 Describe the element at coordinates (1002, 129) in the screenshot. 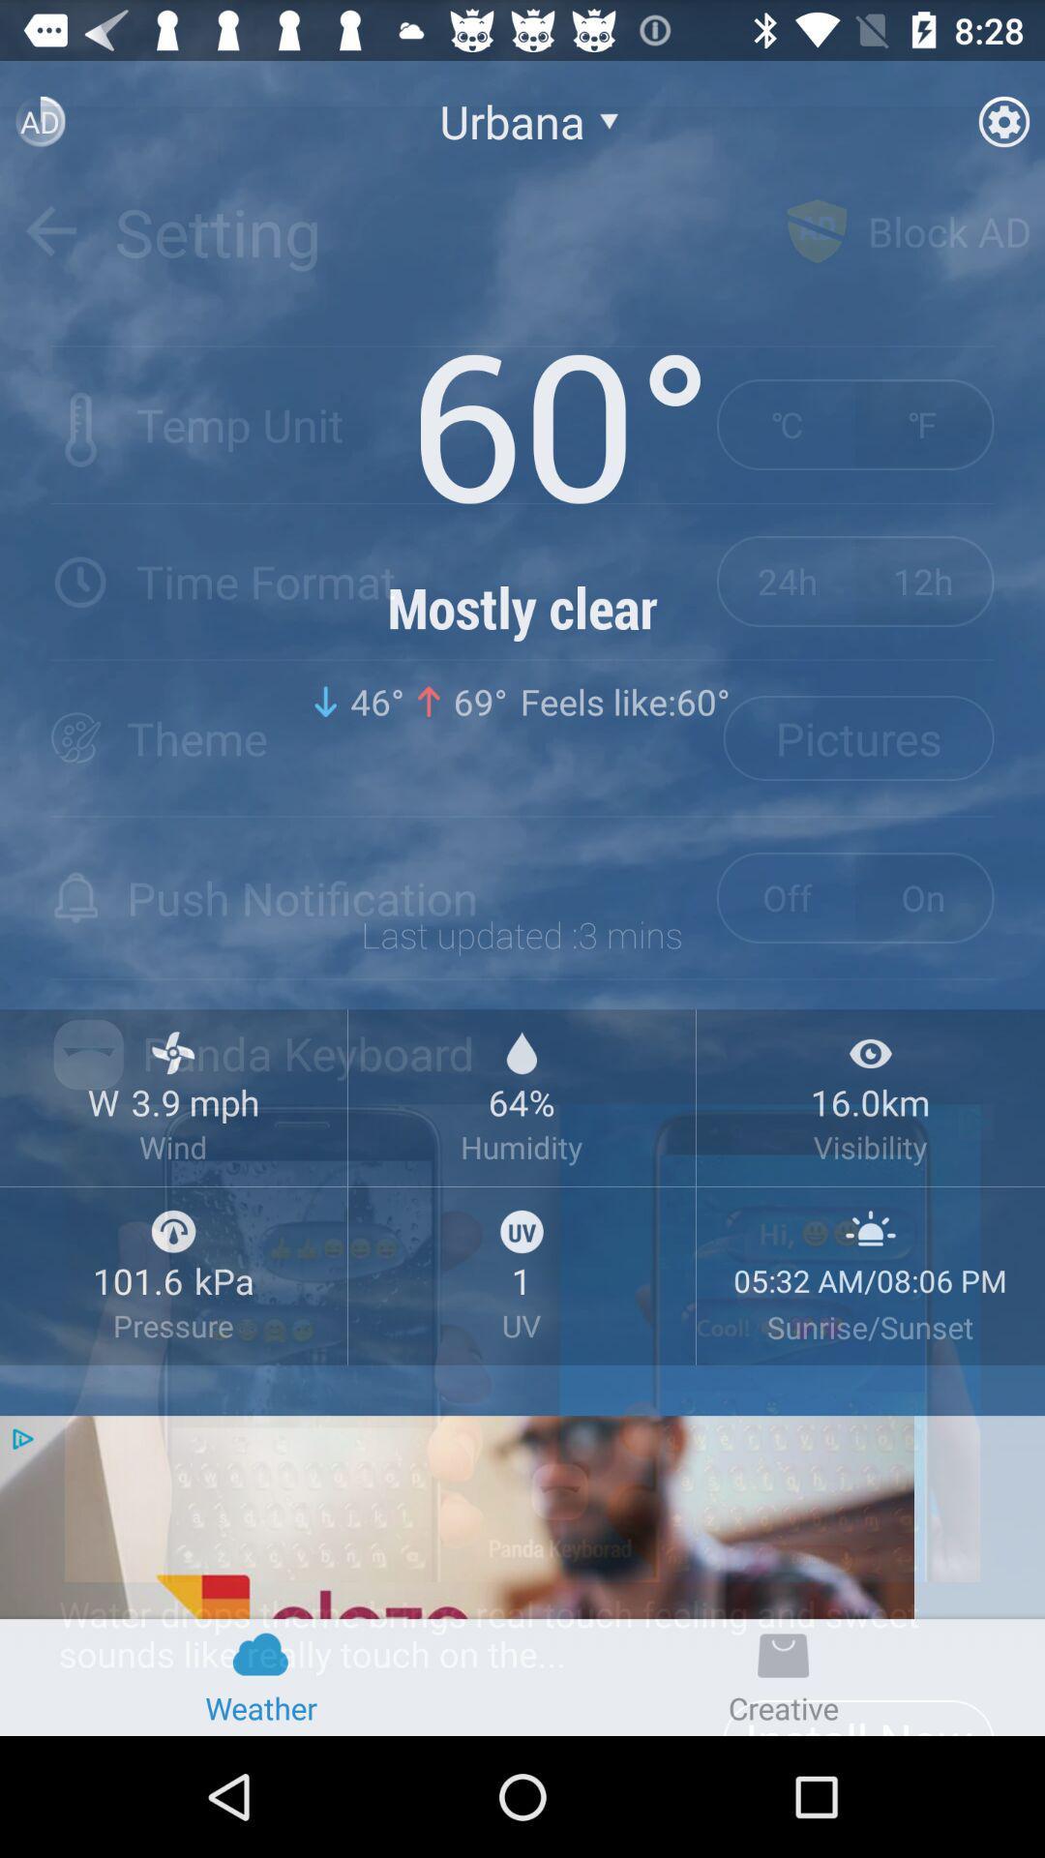

I see `the settings icon` at that location.